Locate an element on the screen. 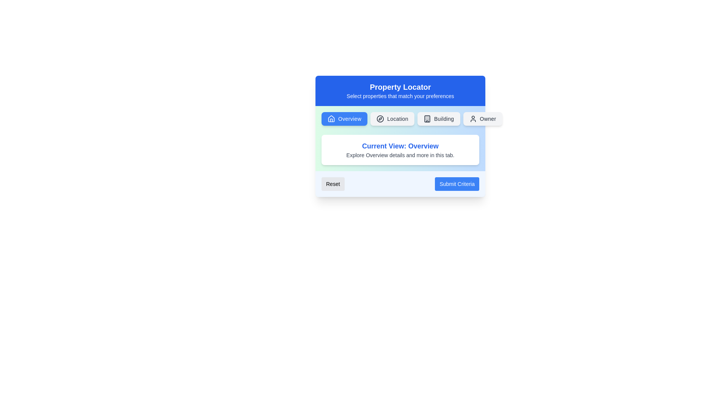  the 'Overview' button located in the leftmost position of the horizontal row under the title 'Property Locator' is located at coordinates (344, 119).